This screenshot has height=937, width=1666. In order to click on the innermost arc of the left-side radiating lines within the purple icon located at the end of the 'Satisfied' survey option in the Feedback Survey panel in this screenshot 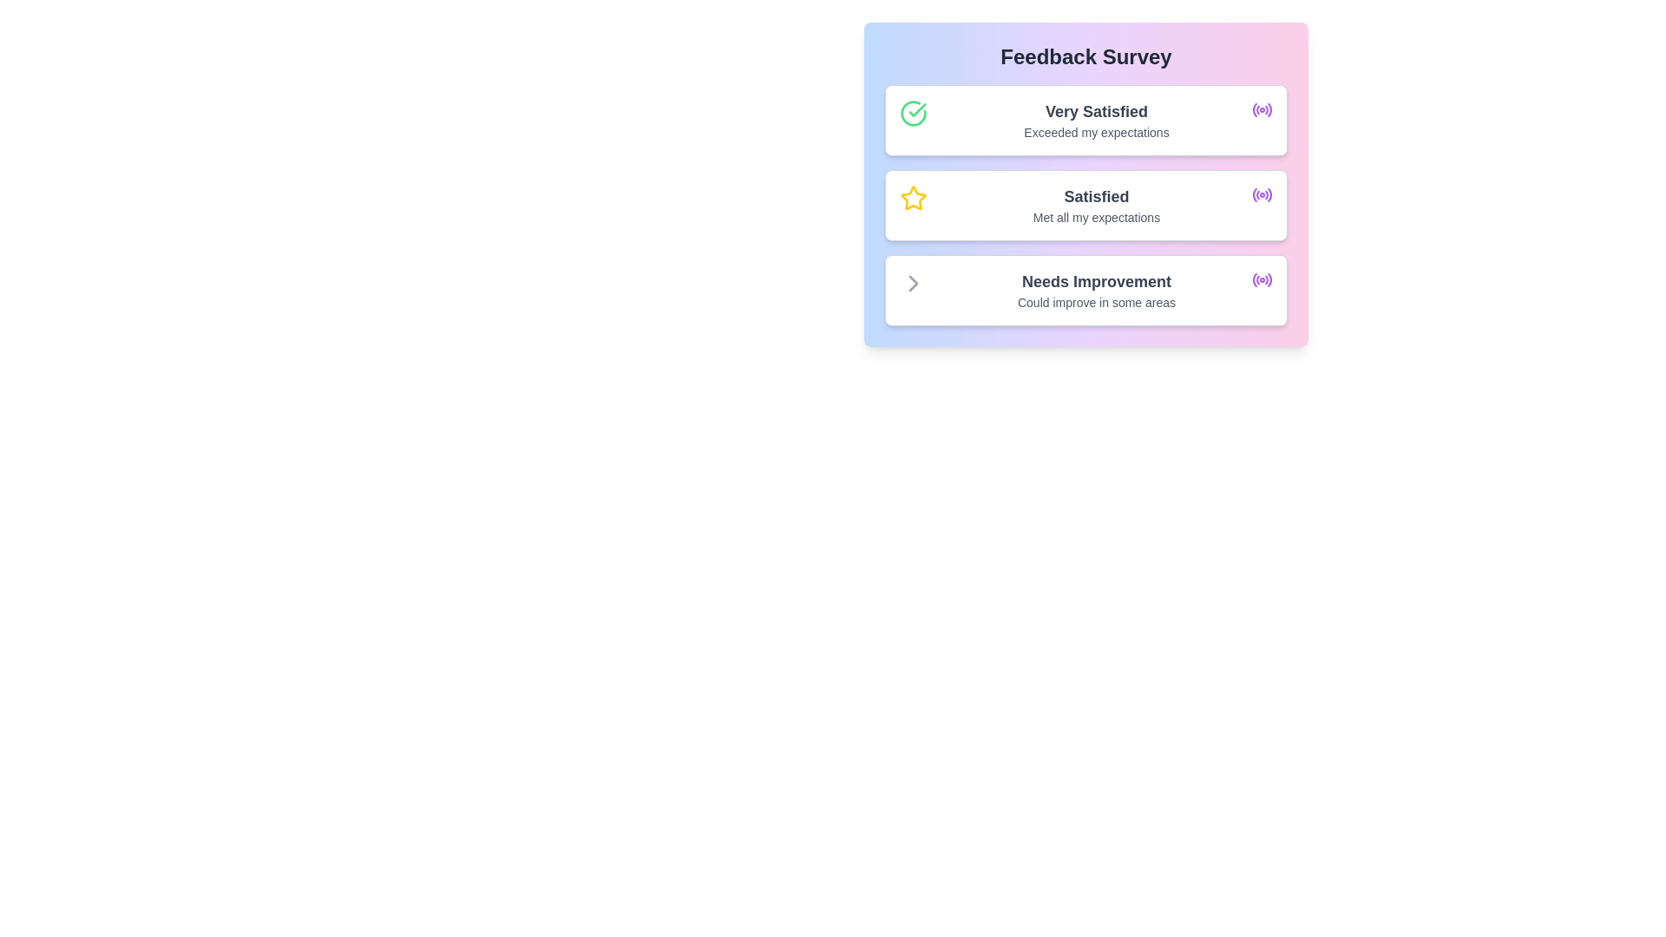, I will do `click(1255, 194)`.